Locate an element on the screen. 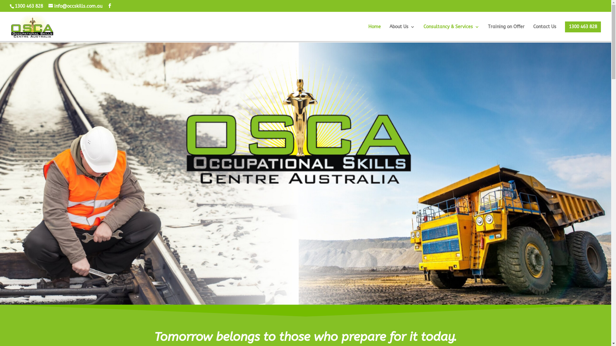 This screenshot has height=346, width=616. 'Occupational Skills Centre Cover Photo' is located at coordinates (305, 174).